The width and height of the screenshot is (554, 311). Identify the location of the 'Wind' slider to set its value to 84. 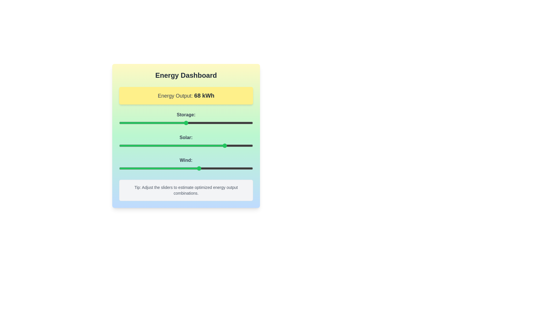
(231, 168).